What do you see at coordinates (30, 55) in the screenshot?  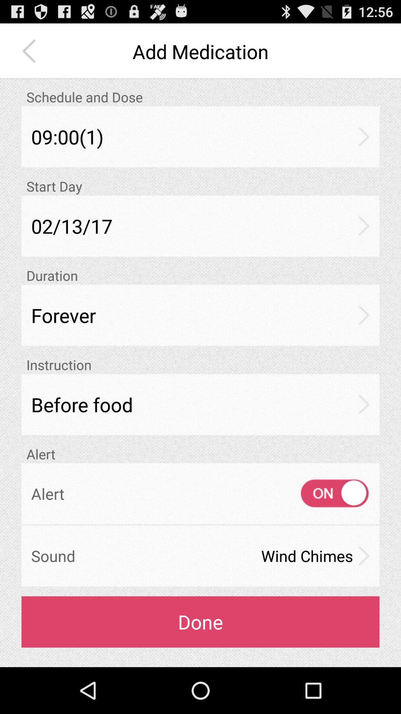 I see `the arrow_backward icon` at bounding box center [30, 55].